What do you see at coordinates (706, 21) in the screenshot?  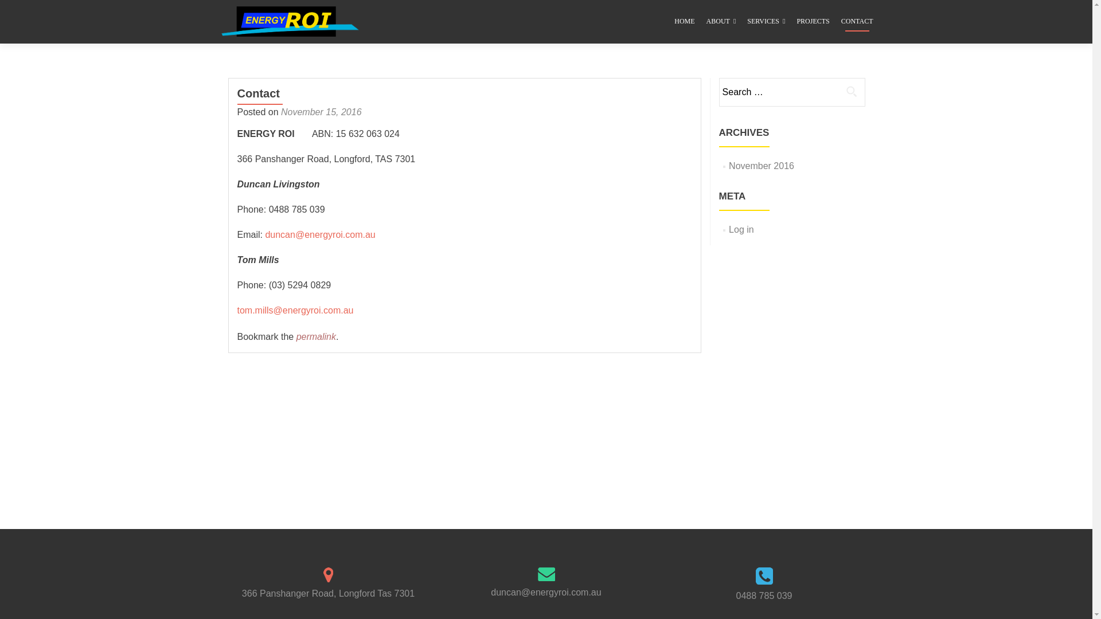 I see `'ABOUT'` at bounding box center [706, 21].